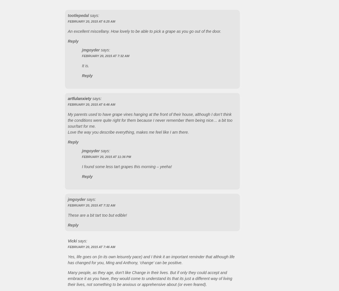 The height and width of the screenshot is (291, 339). I want to click on 'Vicki', so click(72, 240).